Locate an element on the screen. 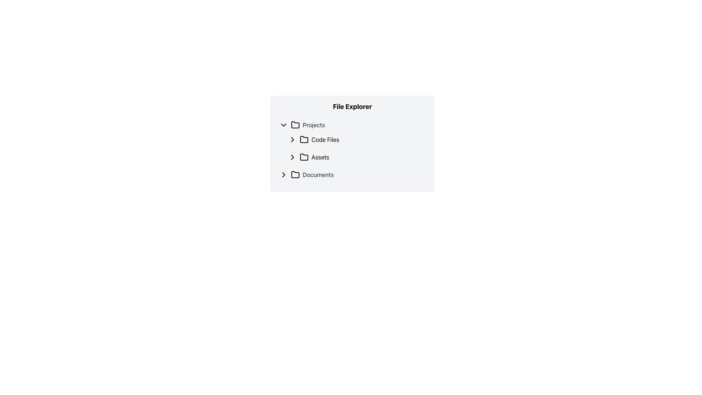 The image size is (702, 395). the folder icon is located at coordinates (304, 157).